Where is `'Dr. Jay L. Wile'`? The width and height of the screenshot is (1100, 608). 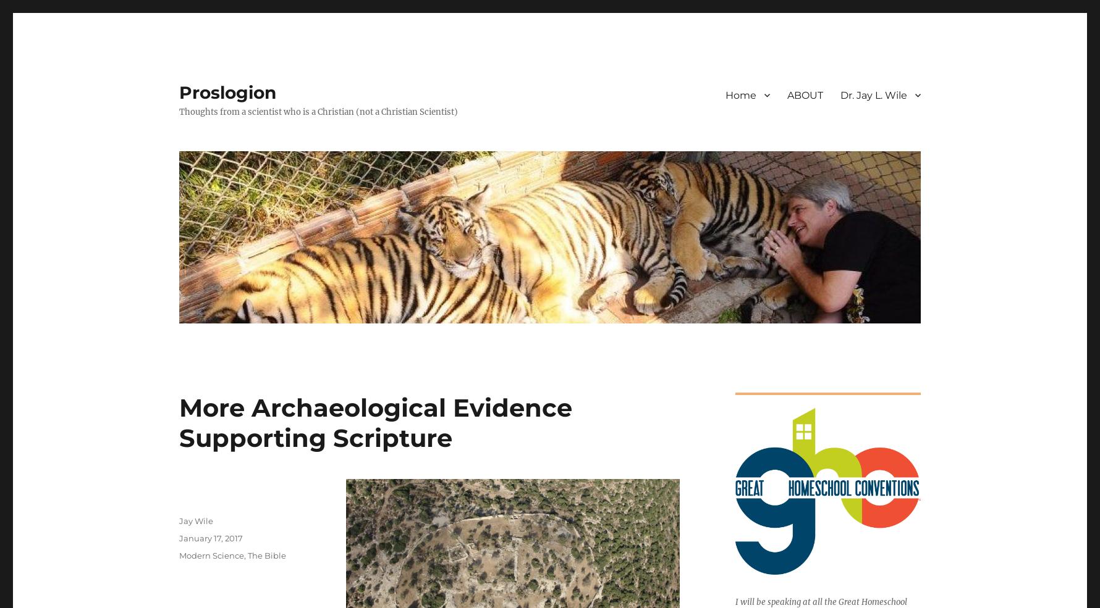 'Dr. Jay L. Wile' is located at coordinates (873, 94).